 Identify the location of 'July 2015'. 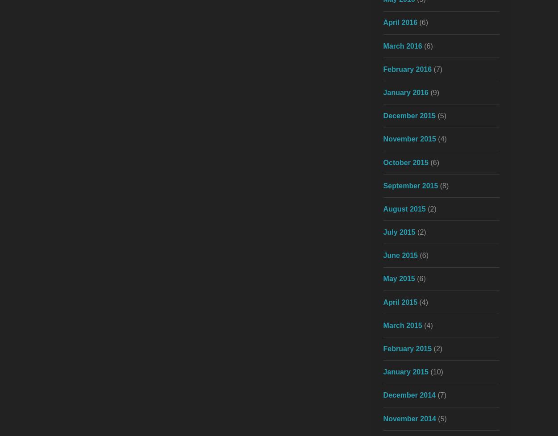
(399, 232).